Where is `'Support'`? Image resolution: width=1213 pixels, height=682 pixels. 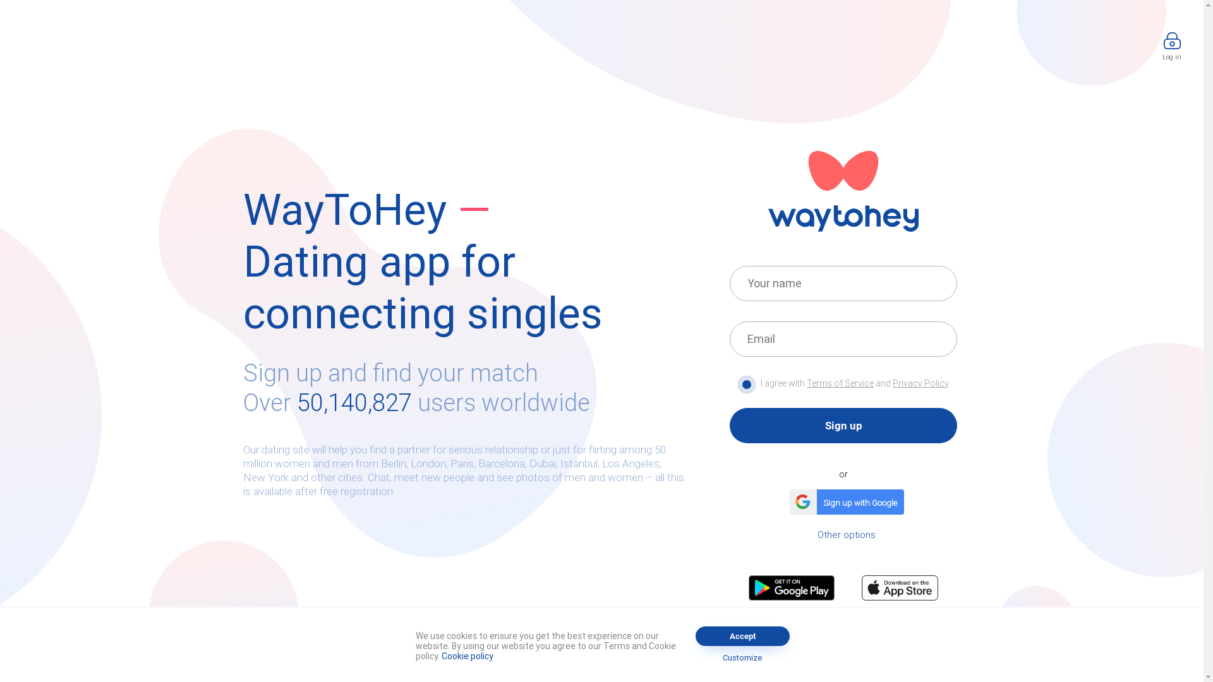 'Support' is located at coordinates (591, 643).